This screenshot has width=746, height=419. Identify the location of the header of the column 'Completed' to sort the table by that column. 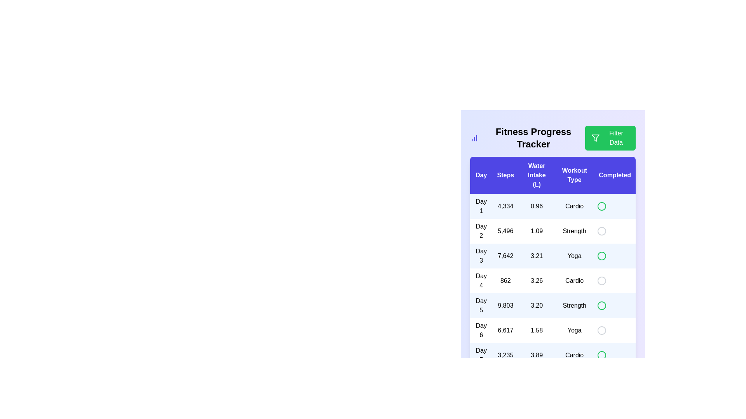
(614, 175).